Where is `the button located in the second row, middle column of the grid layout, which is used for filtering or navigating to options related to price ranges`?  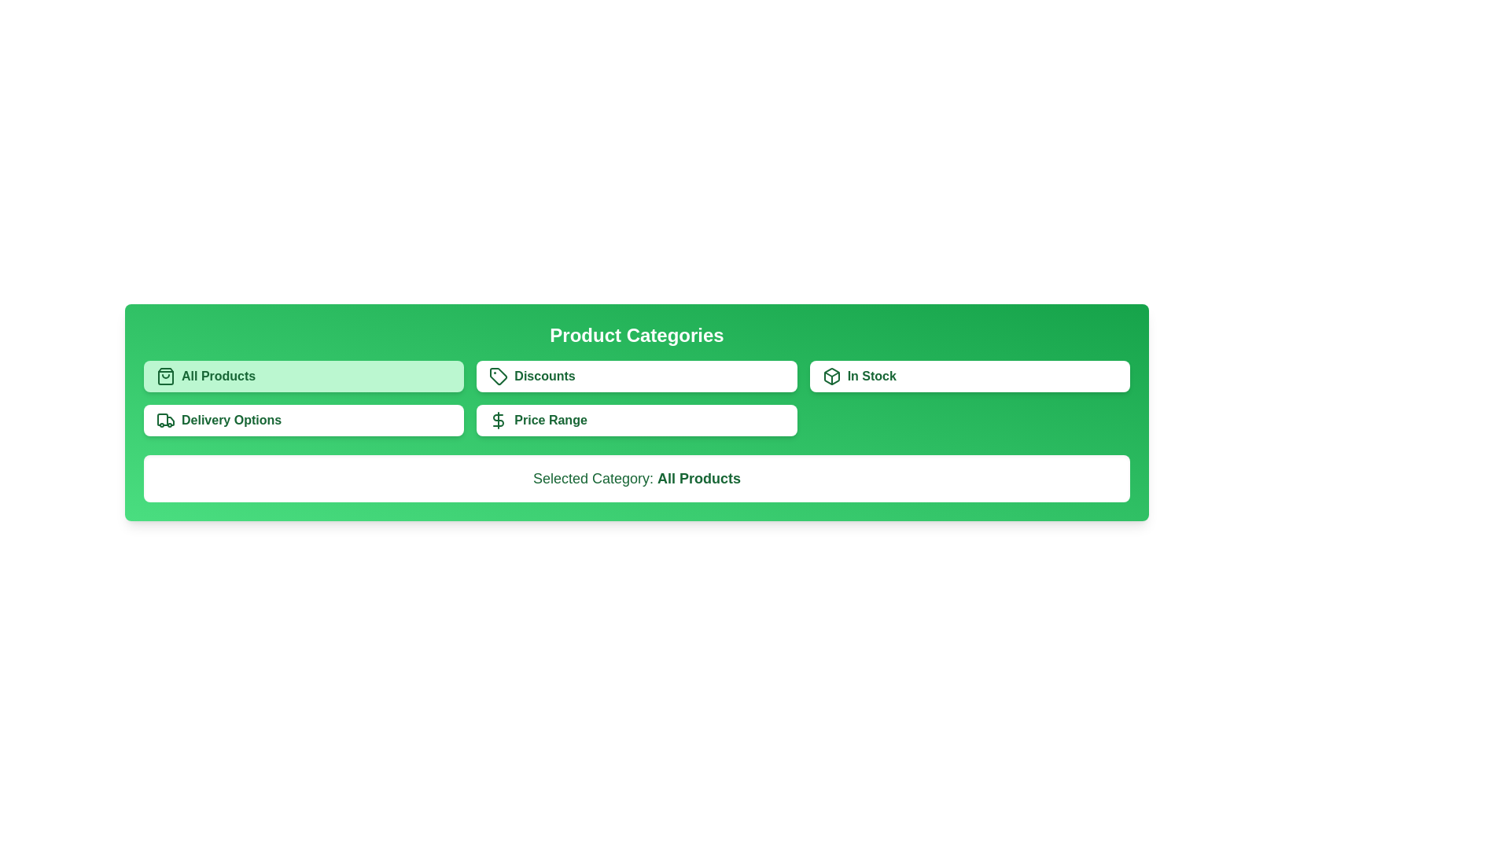
the button located in the second row, middle column of the grid layout, which is used for filtering or navigating to options related to price ranges is located at coordinates (637, 420).